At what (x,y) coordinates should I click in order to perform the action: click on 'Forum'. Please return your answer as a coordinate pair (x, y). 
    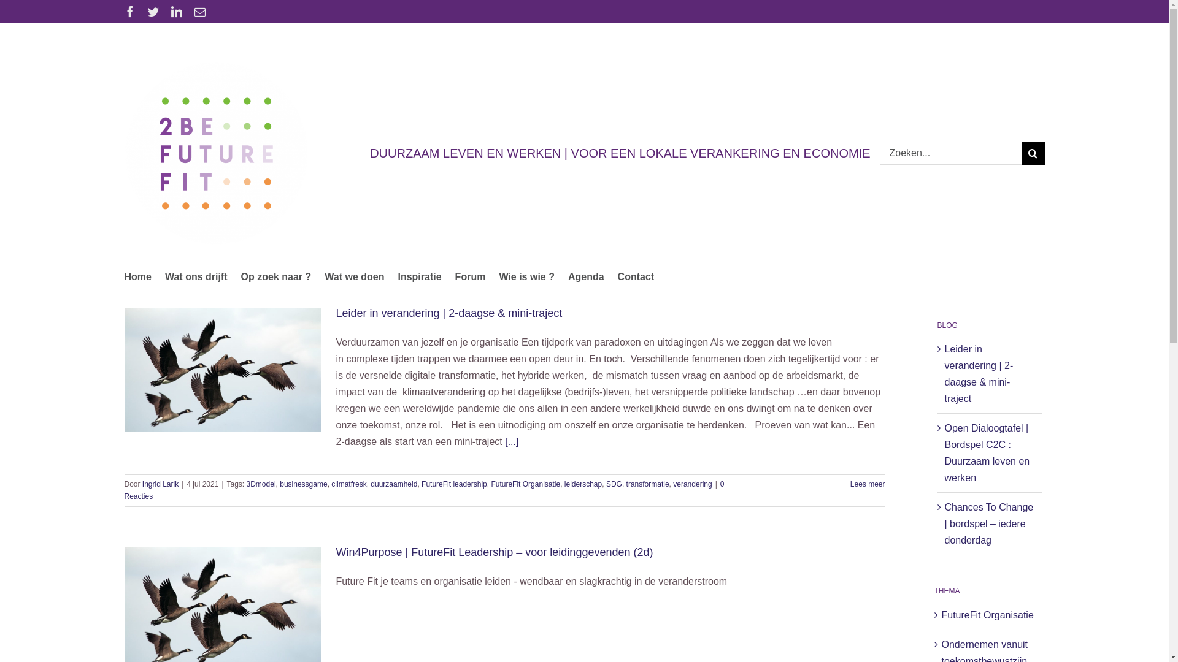
    Looking at the image, I should click on (470, 276).